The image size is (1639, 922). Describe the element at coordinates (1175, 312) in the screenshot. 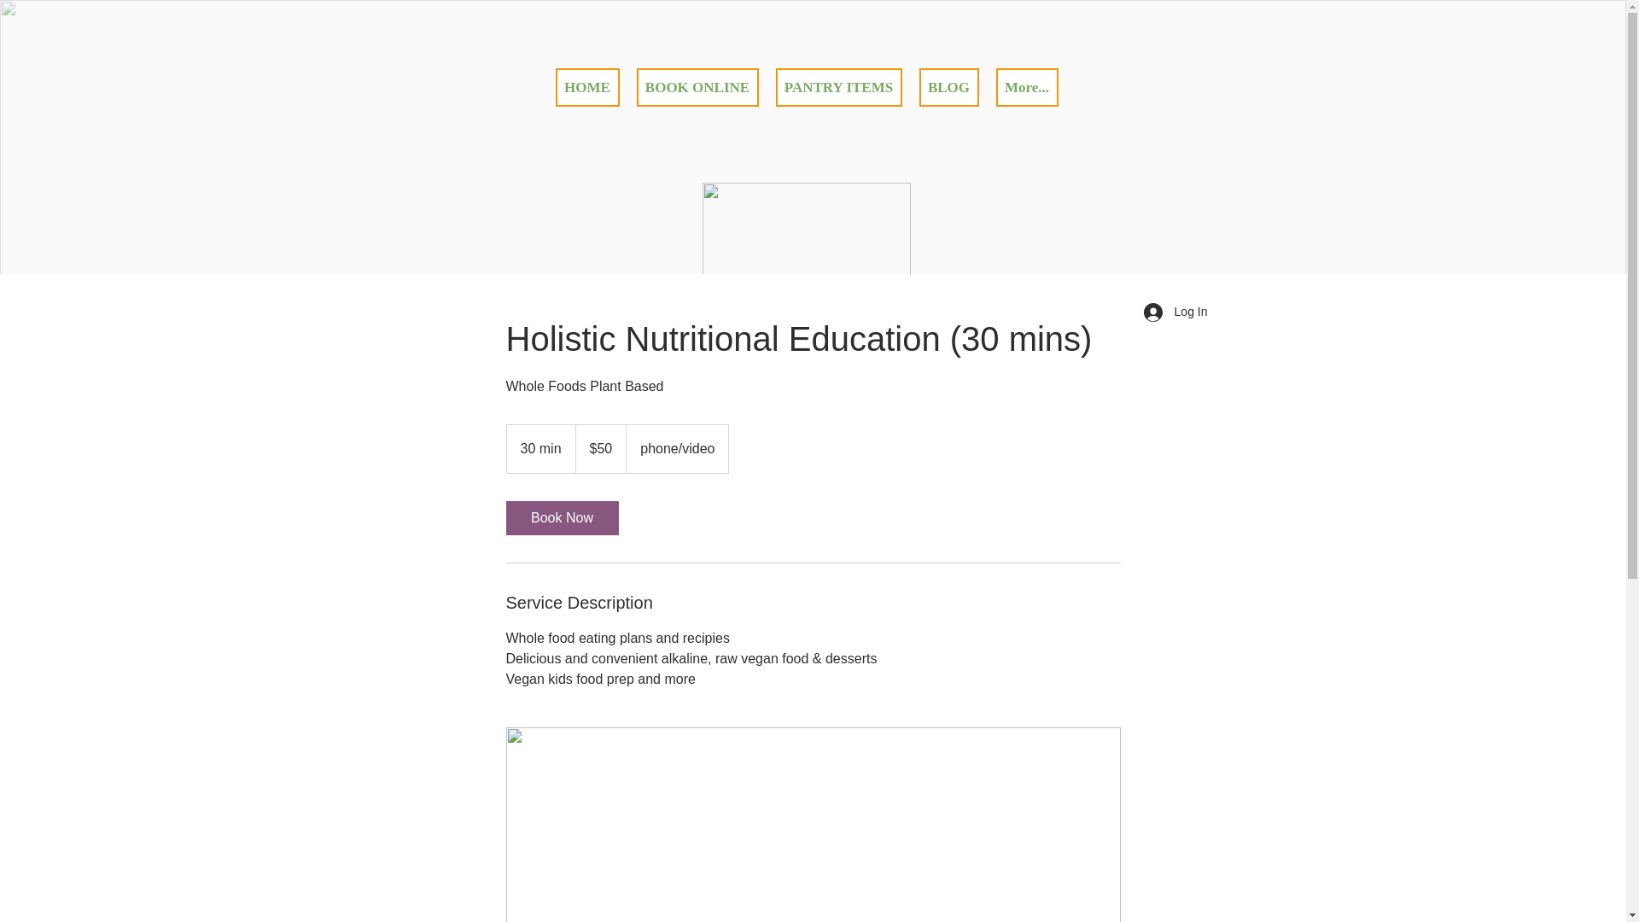

I see `'Log In'` at that location.